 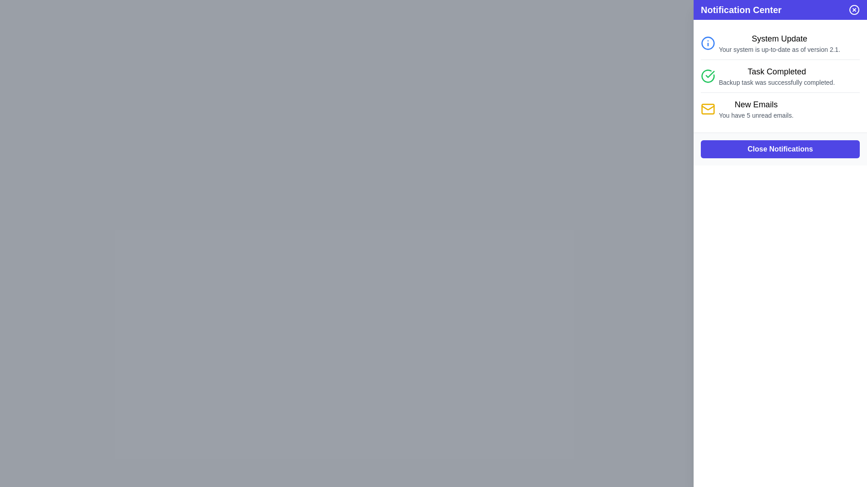 I want to click on the icon located next to the 'Task Completed' notification message in the Notification Center, which visually indicates that the associated task has been completed successfully, so click(x=708, y=76).